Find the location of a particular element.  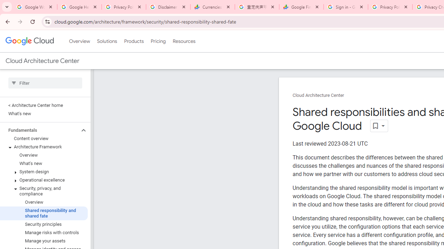

'Pricing' is located at coordinates (157, 41).